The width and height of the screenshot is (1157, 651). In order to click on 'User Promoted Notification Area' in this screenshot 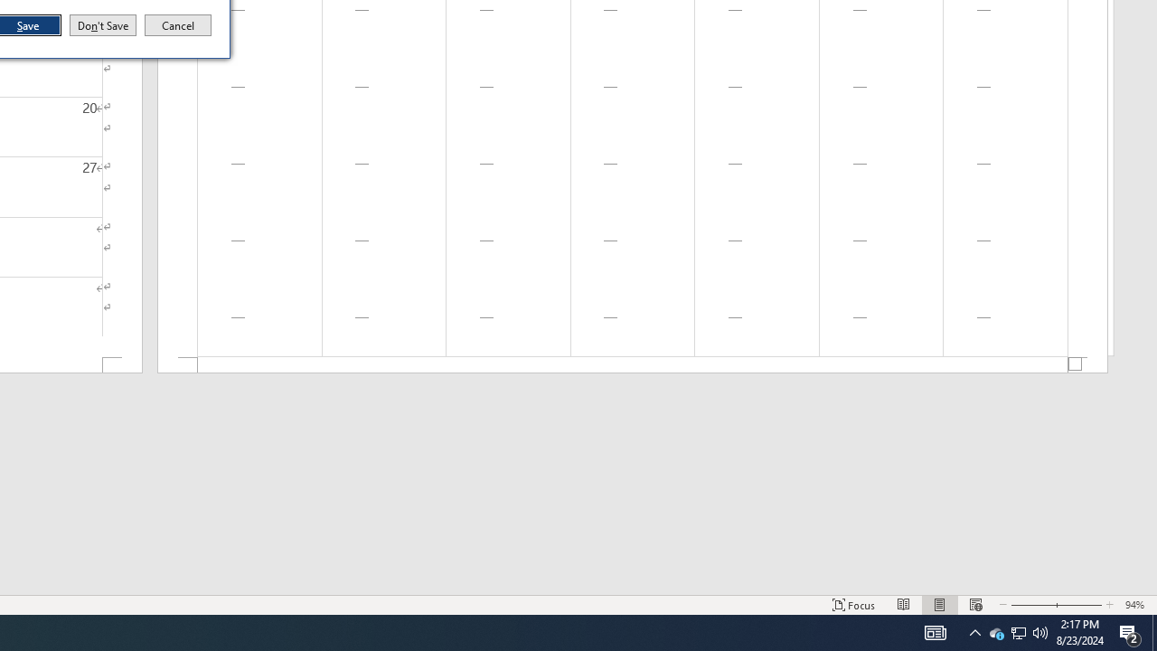, I will do `click(1019, 631)`.